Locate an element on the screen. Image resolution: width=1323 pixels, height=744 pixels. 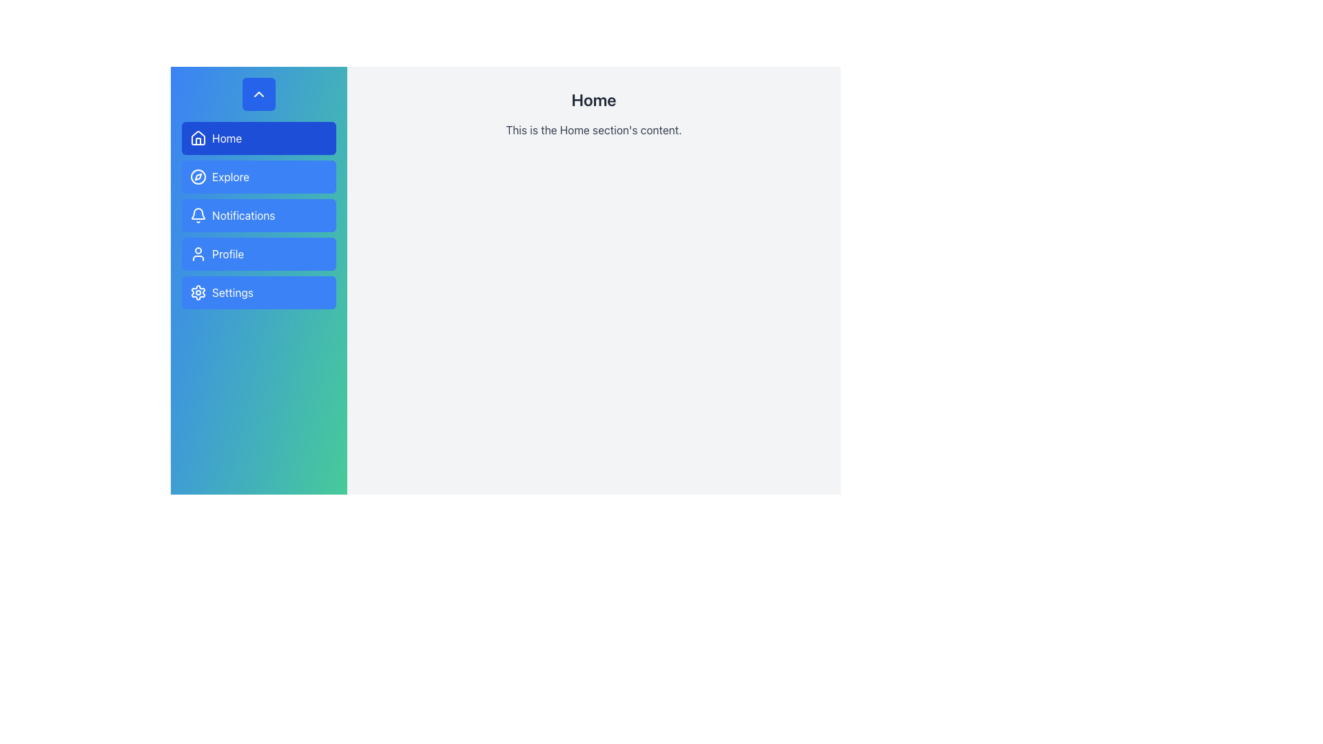
the blue circular button icon at the top of the interface is located at coordinates (258, 94).